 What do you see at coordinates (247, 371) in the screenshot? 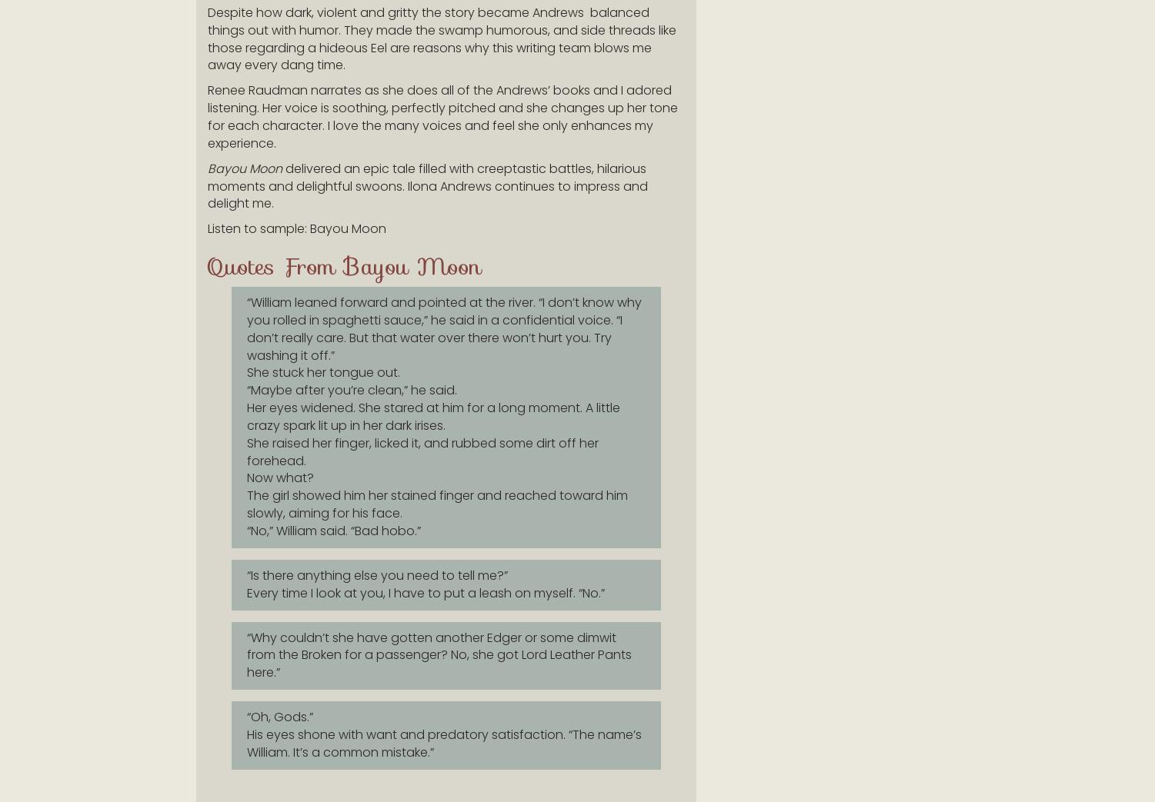
I see `'She stuck her tongue out.'` at bounding box center [247, 371].